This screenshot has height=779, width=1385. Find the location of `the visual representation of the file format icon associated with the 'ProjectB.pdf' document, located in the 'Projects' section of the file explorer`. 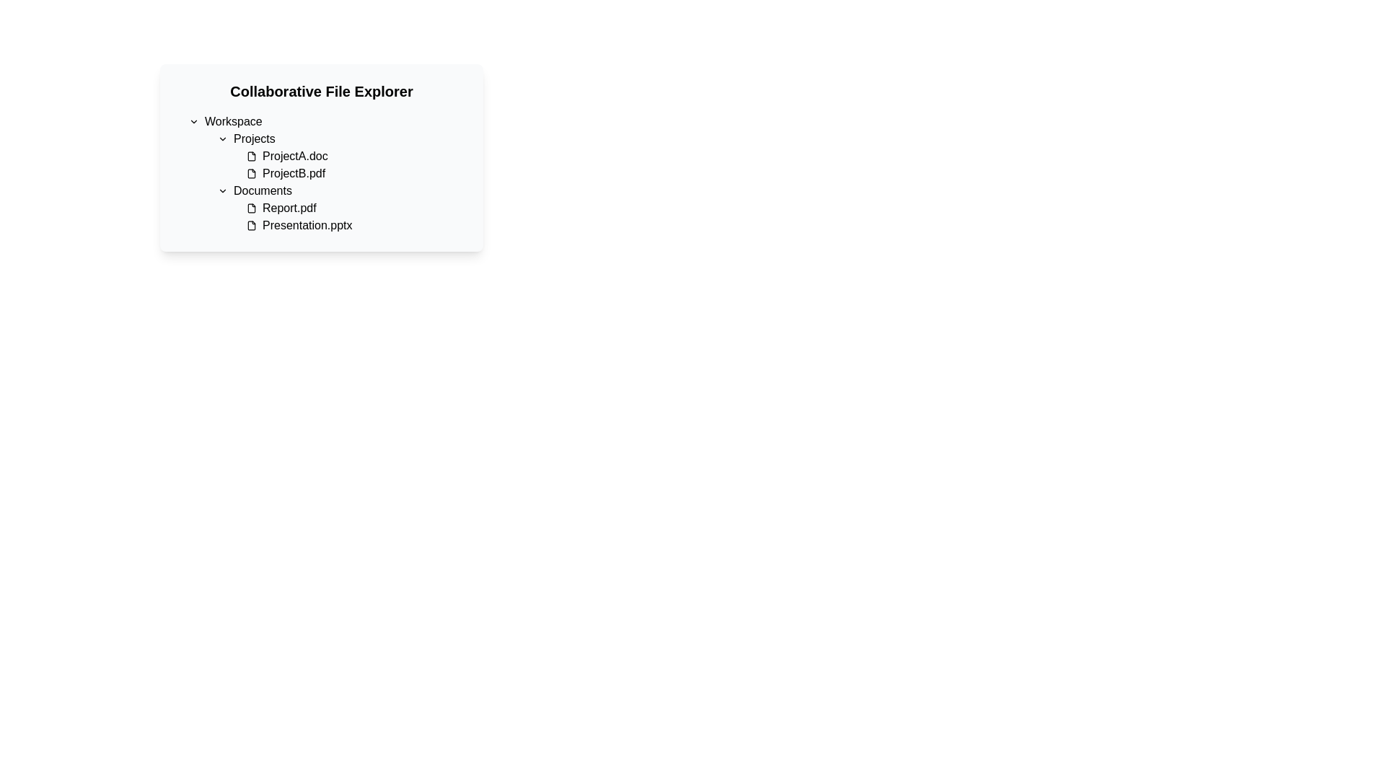

the visual representation of the file format icon associated with the 'ProjectB.pdf' document, located in the 'Projects' section of the file explorer is located at coordinates (252, 172).